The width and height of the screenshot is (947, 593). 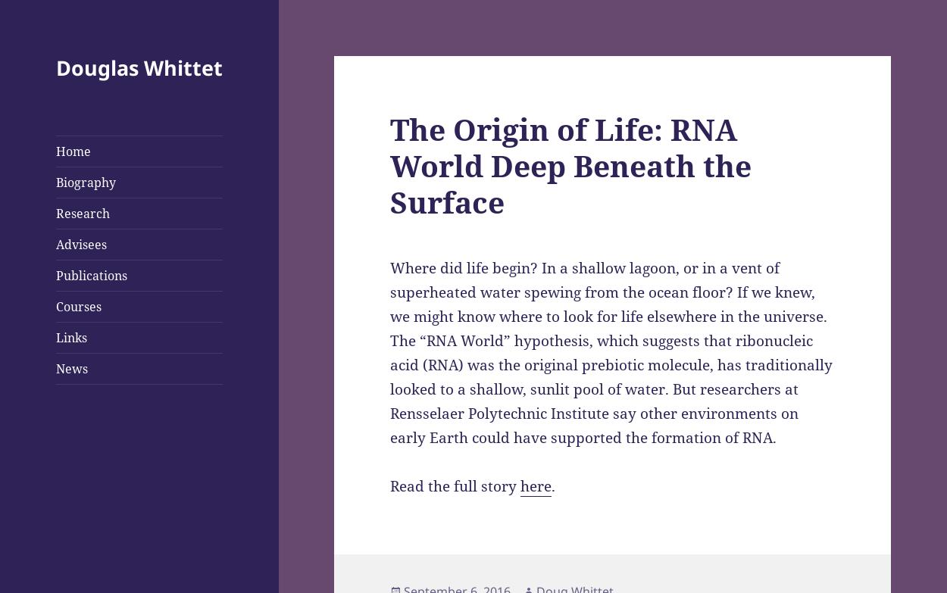 I want to click on 'Publications', so click(x=90, y=276).